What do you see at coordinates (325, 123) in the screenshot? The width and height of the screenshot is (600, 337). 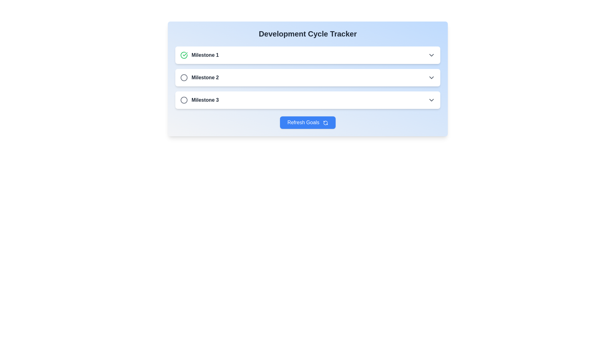 I see `the circular refresh icon located inside the 'Refresh Goals' button, which has a blue background and is positioned to the right of the label text` at bounding box center [325, 123].